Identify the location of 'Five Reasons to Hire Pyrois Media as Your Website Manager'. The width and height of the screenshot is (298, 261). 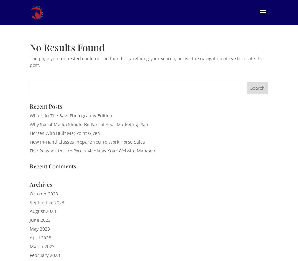
(92, 150).